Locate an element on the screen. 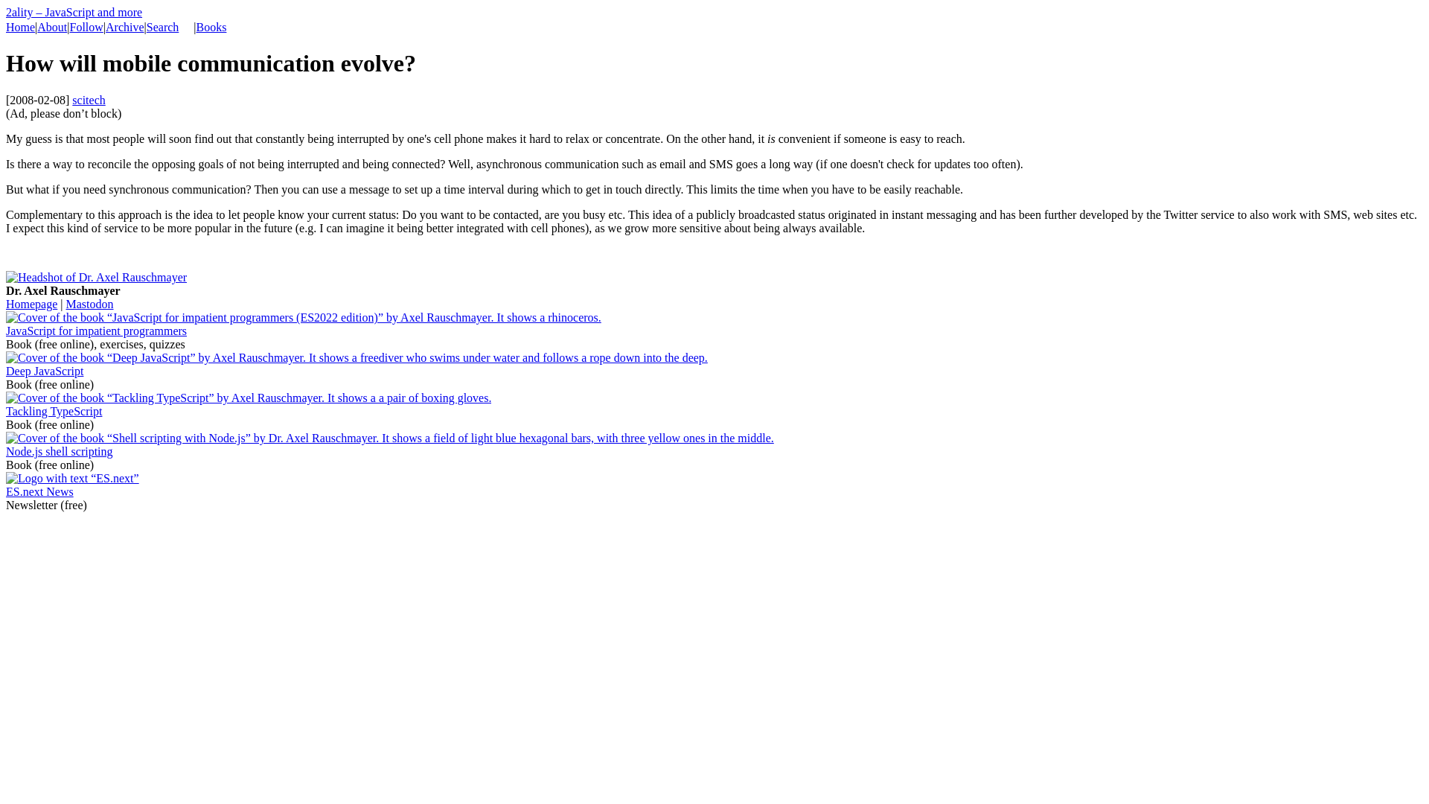  'JavaScript for impatient programmers' is located at coordinates (6, 330).